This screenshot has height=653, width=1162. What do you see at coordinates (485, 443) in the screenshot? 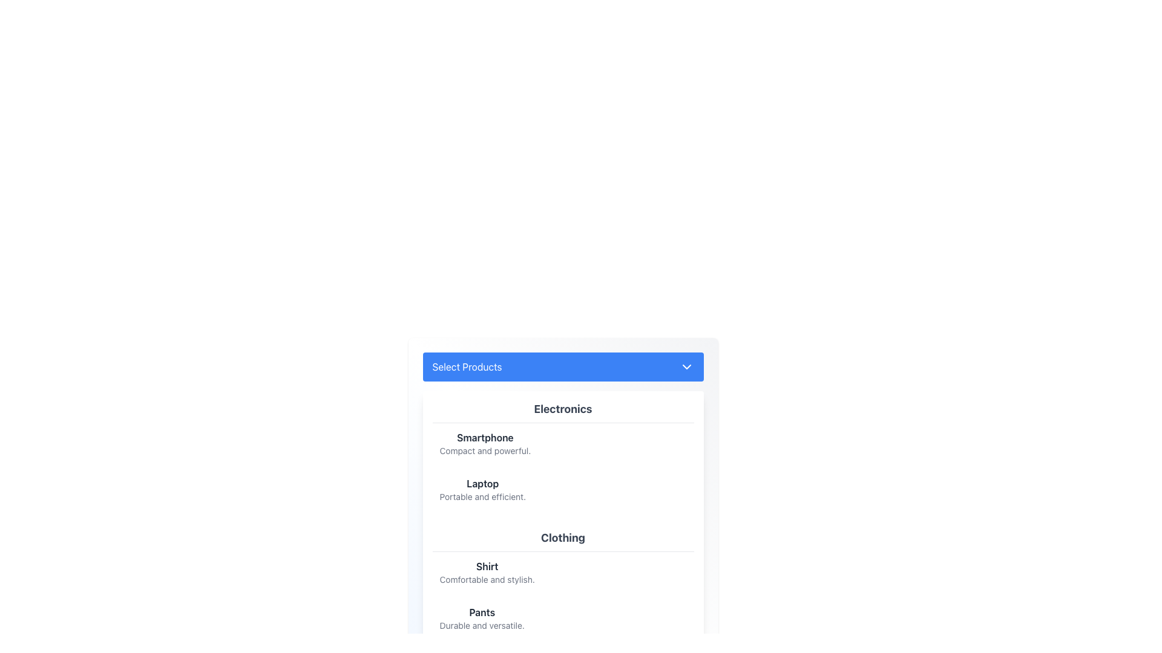
I see `information displayed in the text element for the product category 'Smartphone' located under the 'Electronics' section, which is the first item in this category` at bounding box center [485, 443].